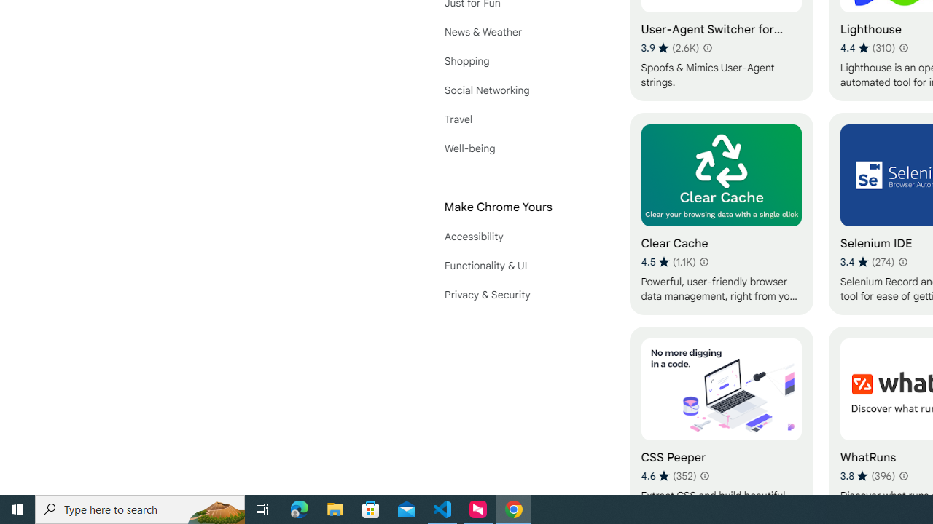  I want to click on 'Average rating 4.5 out of 5 stars. 1.1K ratings.', so click(668, 262).